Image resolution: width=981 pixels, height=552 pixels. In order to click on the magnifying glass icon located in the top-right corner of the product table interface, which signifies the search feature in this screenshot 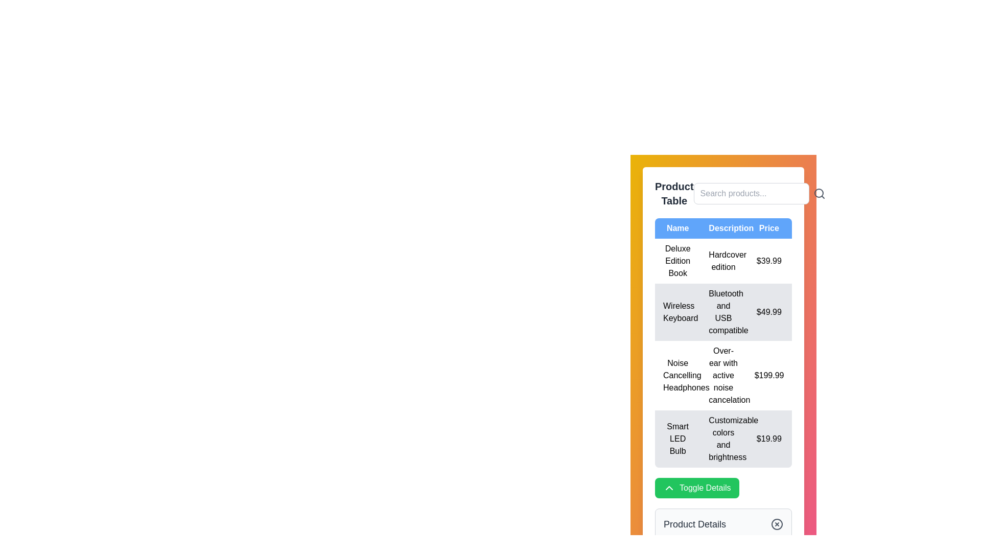, I will do `click(819, 193)`.